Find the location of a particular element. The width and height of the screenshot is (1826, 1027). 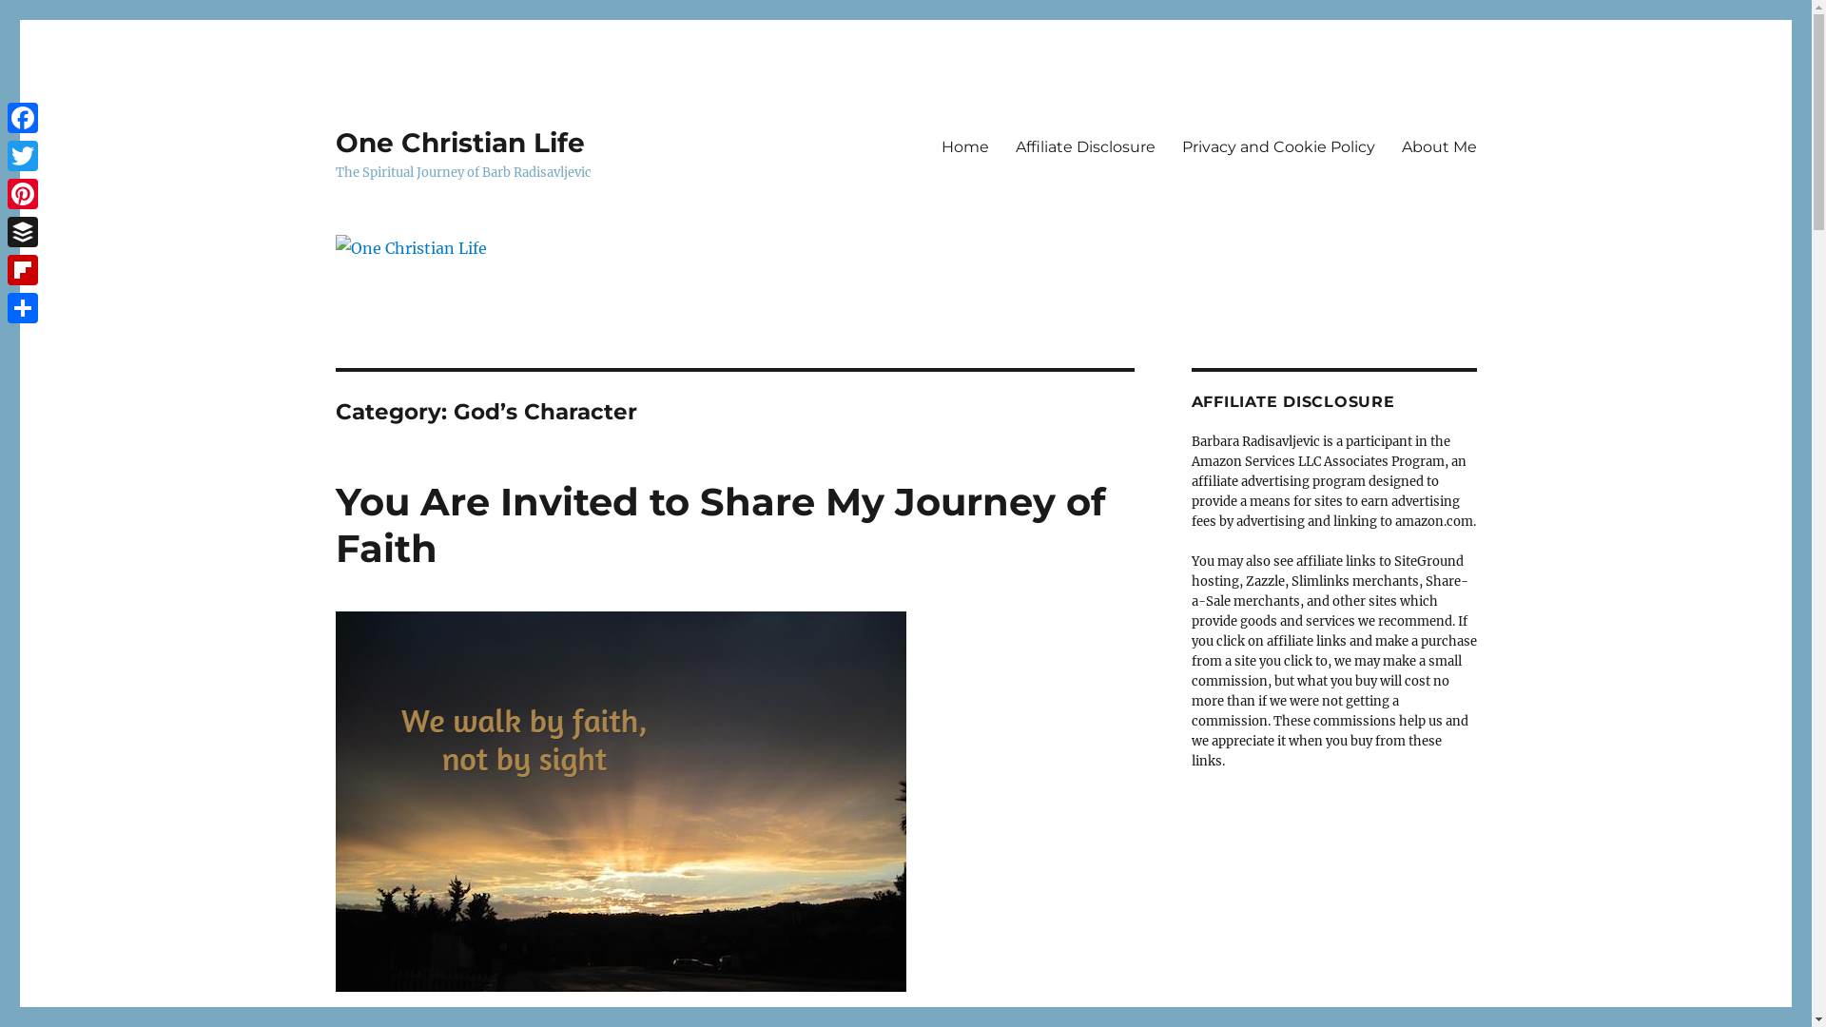

'Privacy and Cookie Policy' is located at coordinates (1277, 145).